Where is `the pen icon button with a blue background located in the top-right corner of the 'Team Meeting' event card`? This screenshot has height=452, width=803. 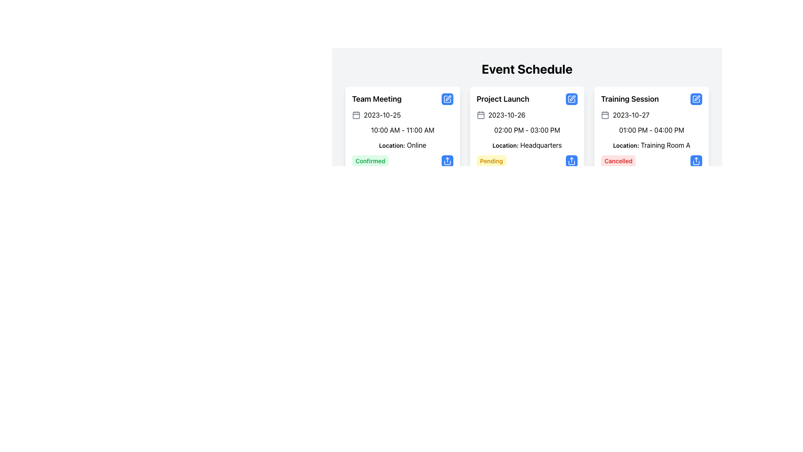 the pen icon button with a blue background located in the top-right corner of the 'Team Meeting' event card is located at coordinates (447, 98).